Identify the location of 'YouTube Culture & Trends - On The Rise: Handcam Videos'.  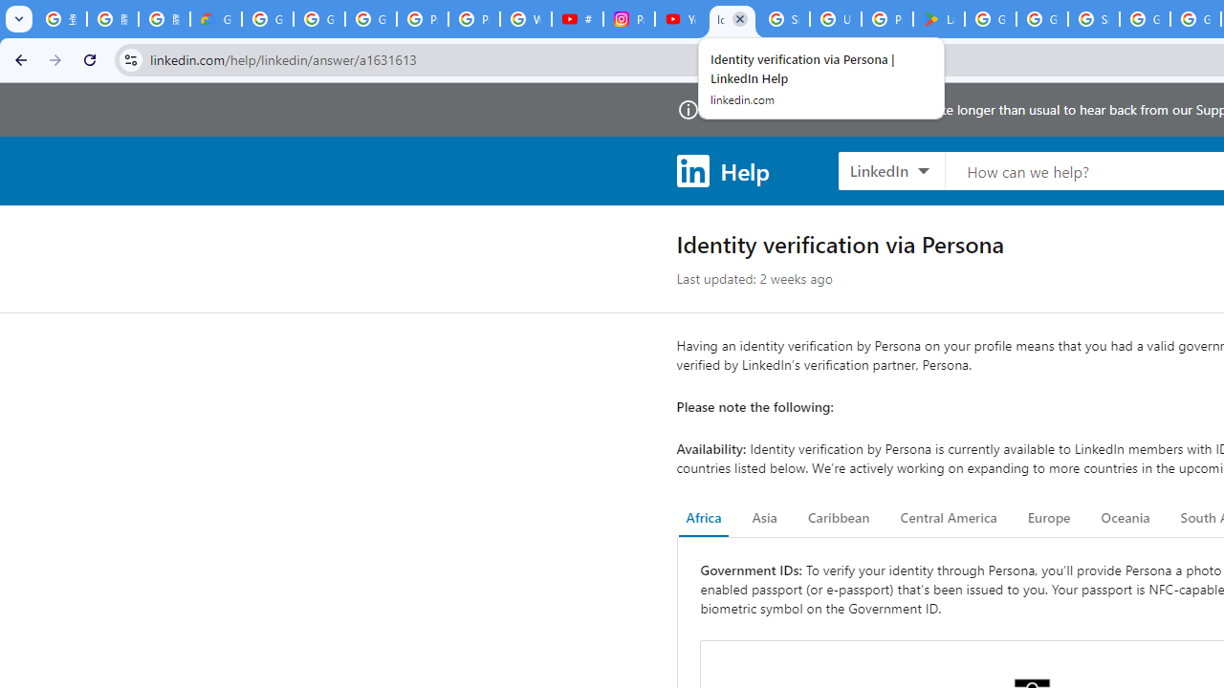
(680, 19).